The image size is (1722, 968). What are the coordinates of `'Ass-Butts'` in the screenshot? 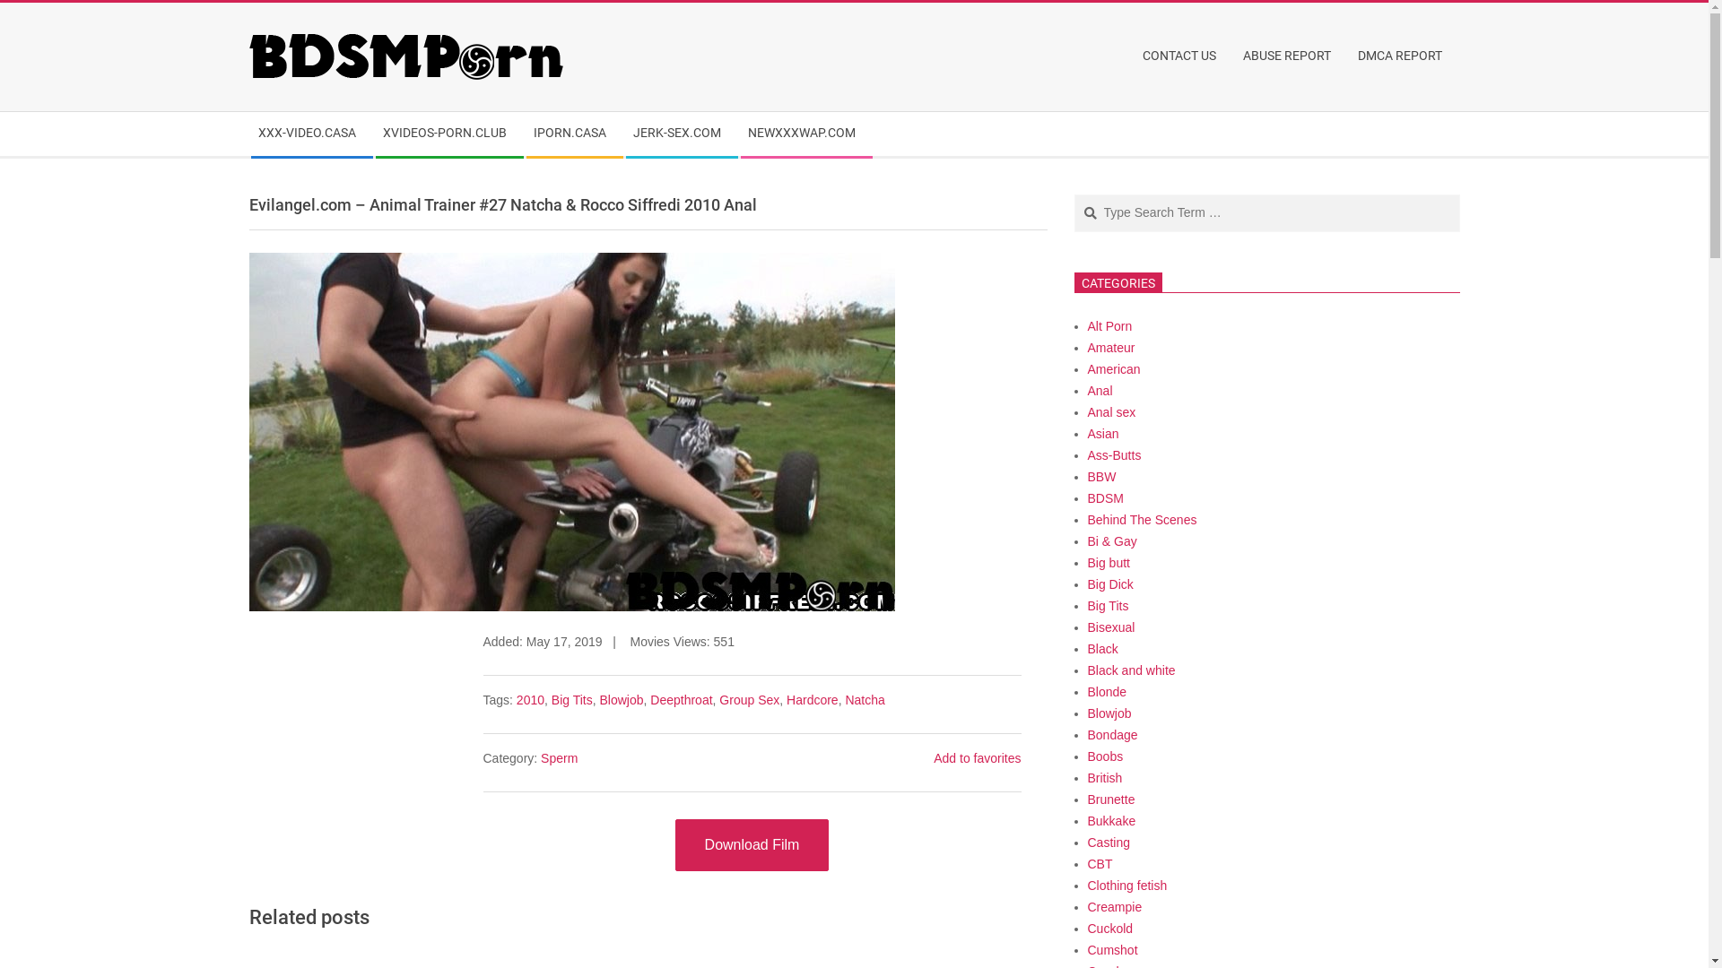 It's located at (1113, 454).